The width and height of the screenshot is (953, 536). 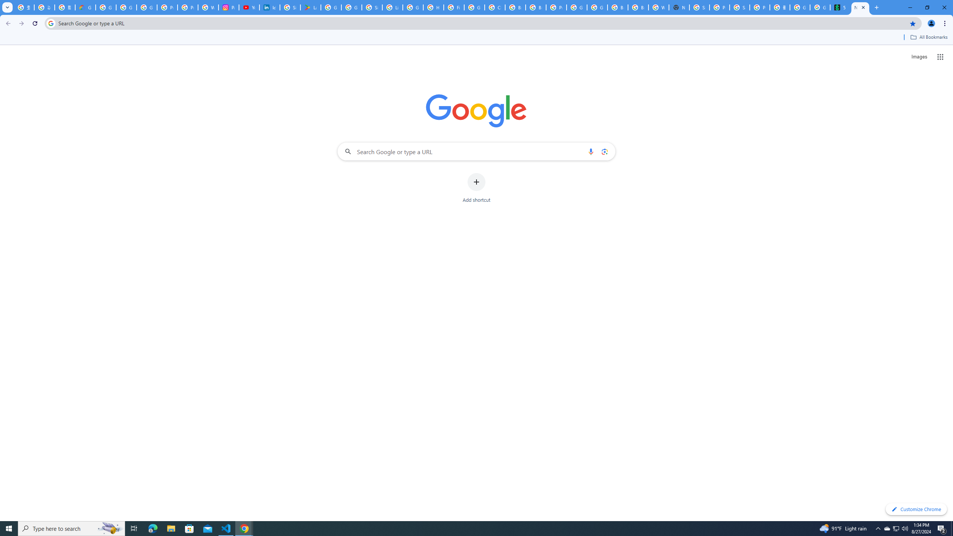 I want to click on 'Sign in - Google Accounts', so click(x=699, y=7).